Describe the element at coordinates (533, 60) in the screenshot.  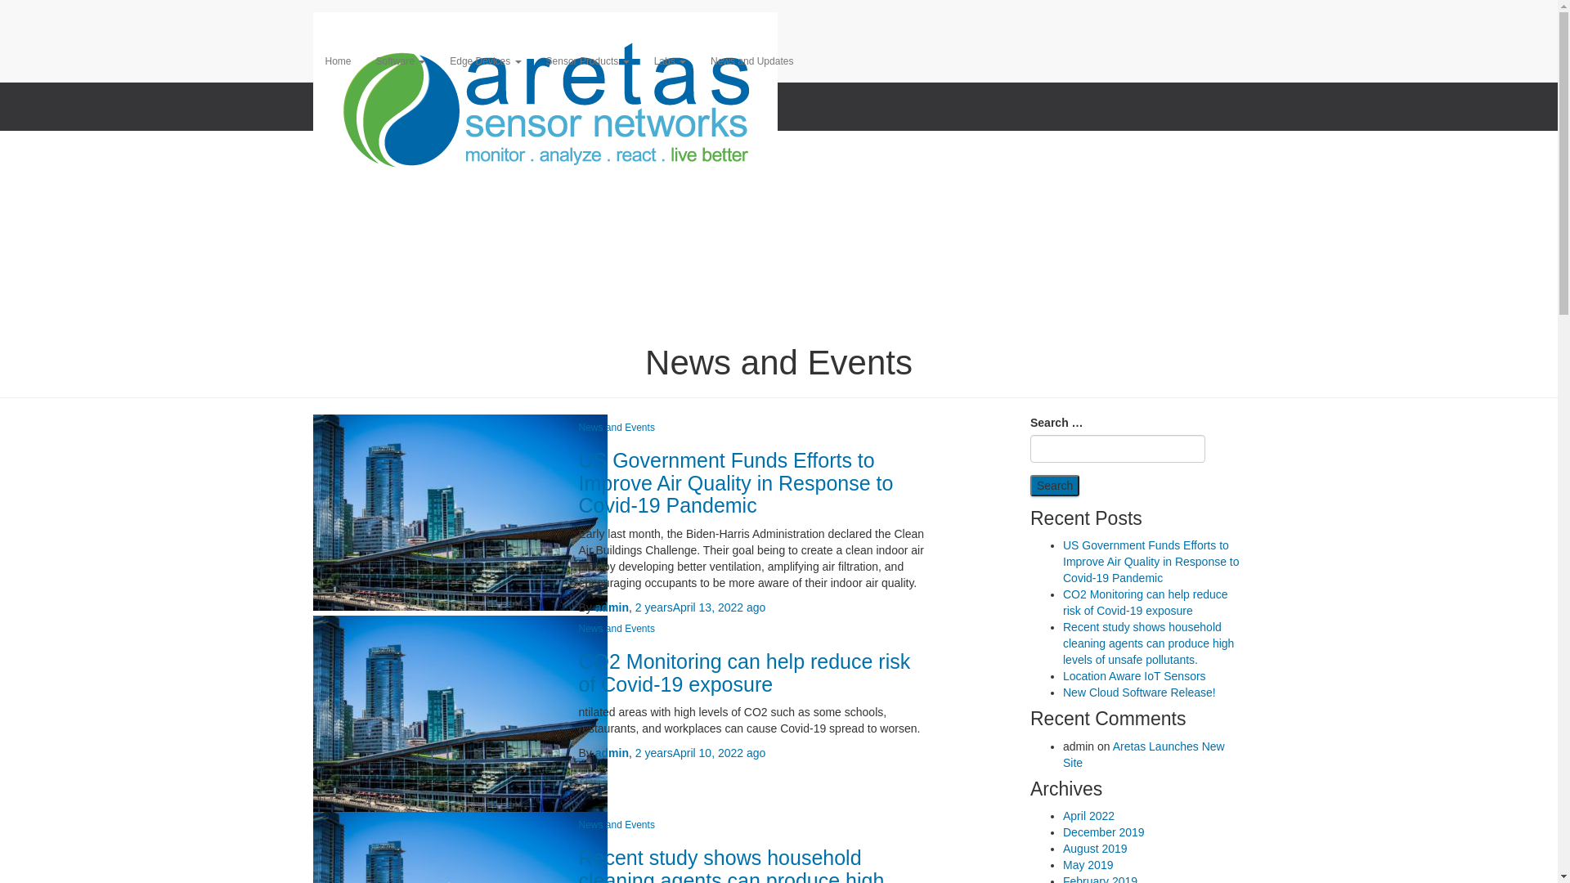
I see `'Sensor Products'` at that location.